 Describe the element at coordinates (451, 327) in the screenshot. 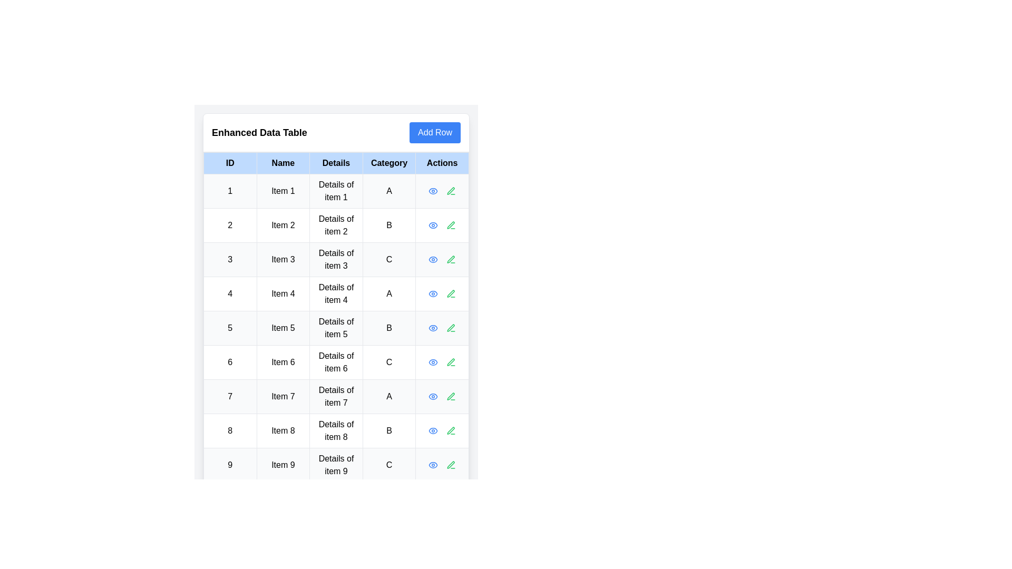

I see `the 'edit' icon in the 'Actions' column for 'Item 5', which is located immediately to the right of the eye icon` at that location.